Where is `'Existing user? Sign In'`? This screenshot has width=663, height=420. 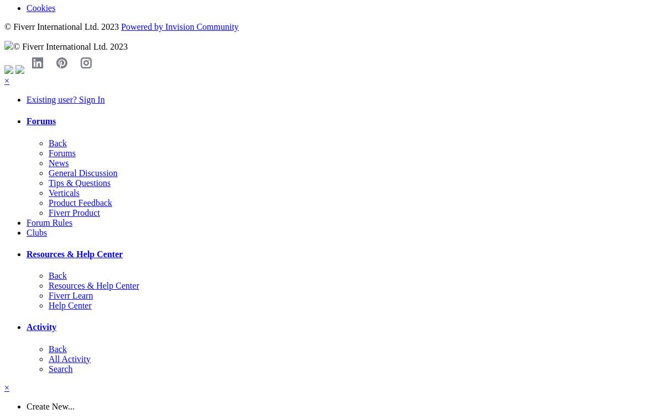 'Existing user? Sign In' is located at coordinates (65, 99).